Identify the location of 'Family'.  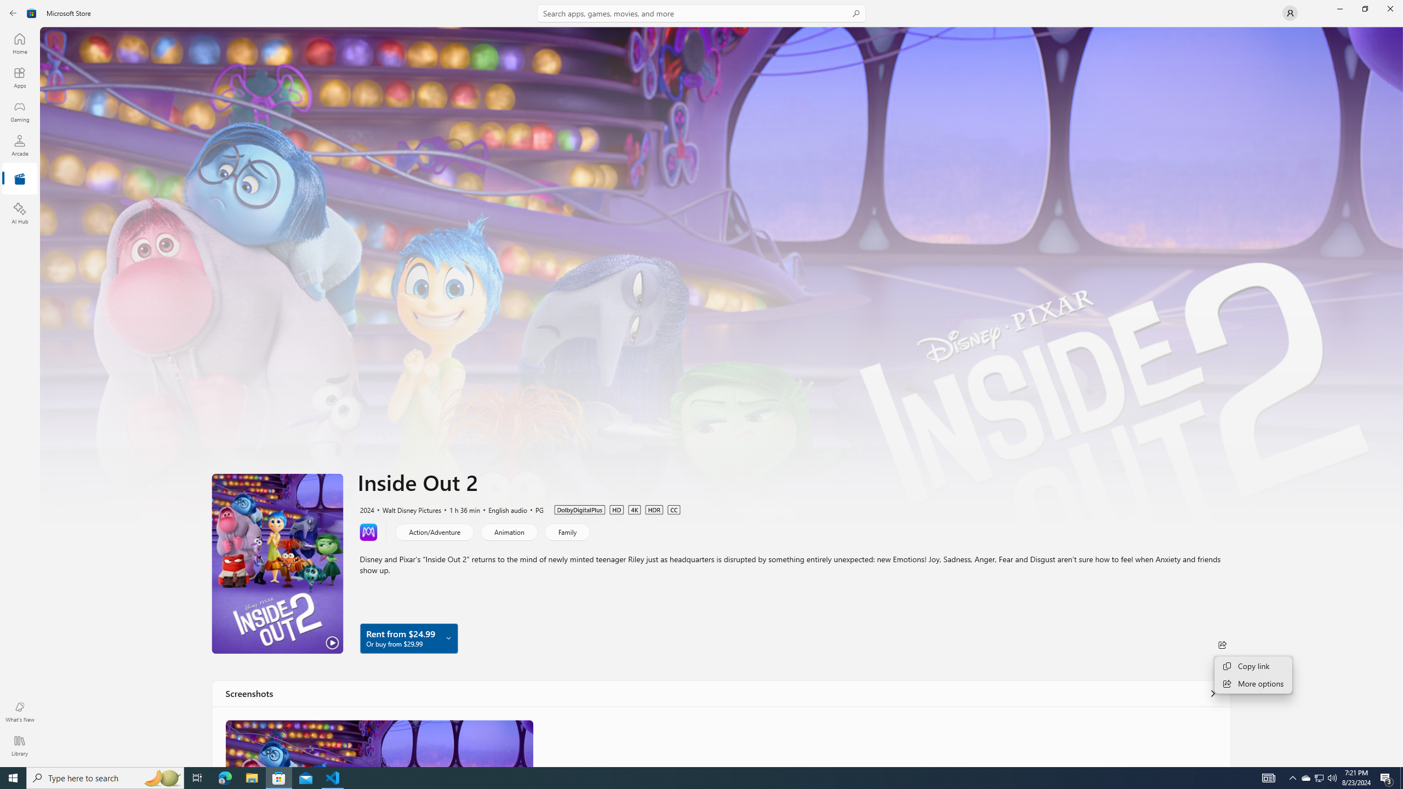
(567, 531).